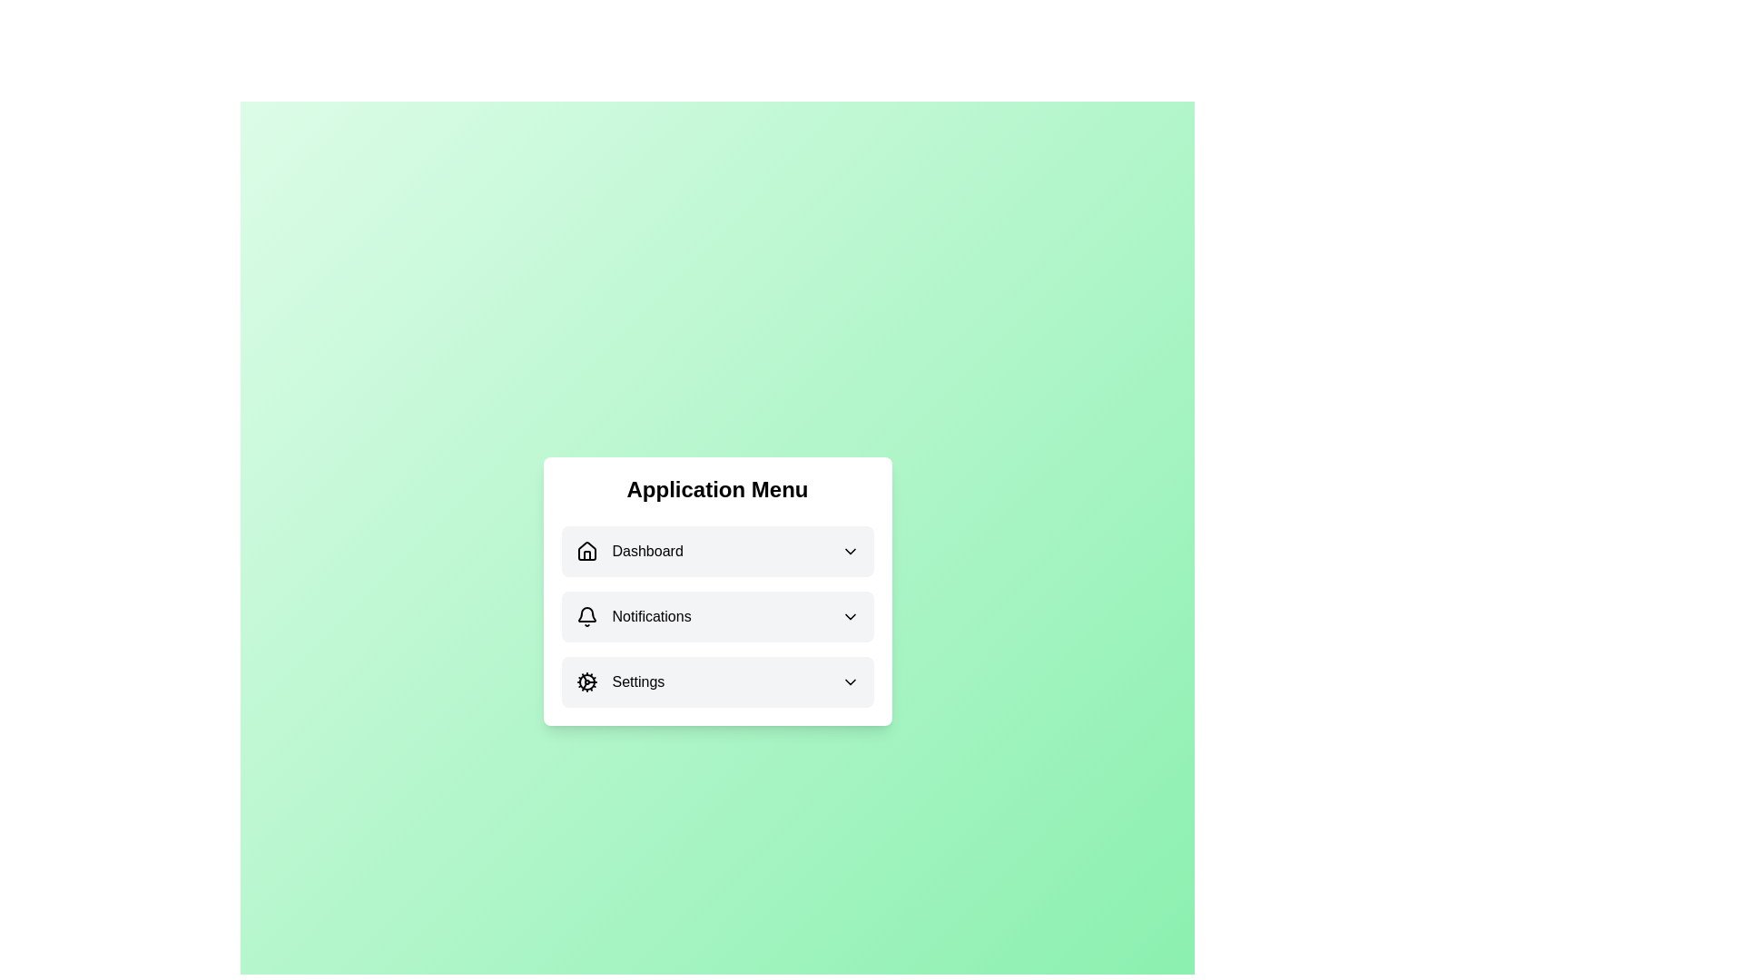 The image size is (1743, 980). I want to click on the settings label in the vertical menu located below 'Dashboard' and 'Notifications', so click(638, 682).